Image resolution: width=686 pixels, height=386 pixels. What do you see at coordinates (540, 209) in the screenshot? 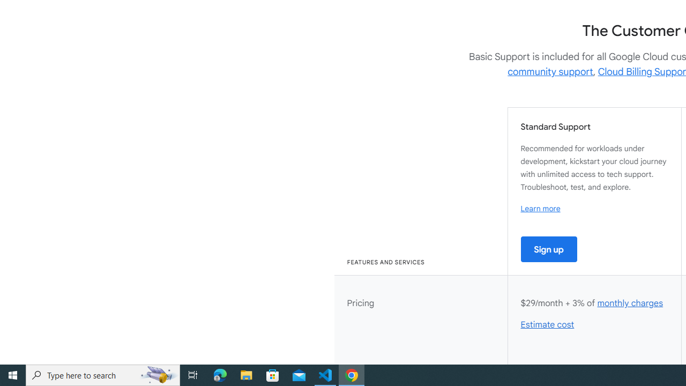
I see `'Learn more'` at bounding box center [540, 209].